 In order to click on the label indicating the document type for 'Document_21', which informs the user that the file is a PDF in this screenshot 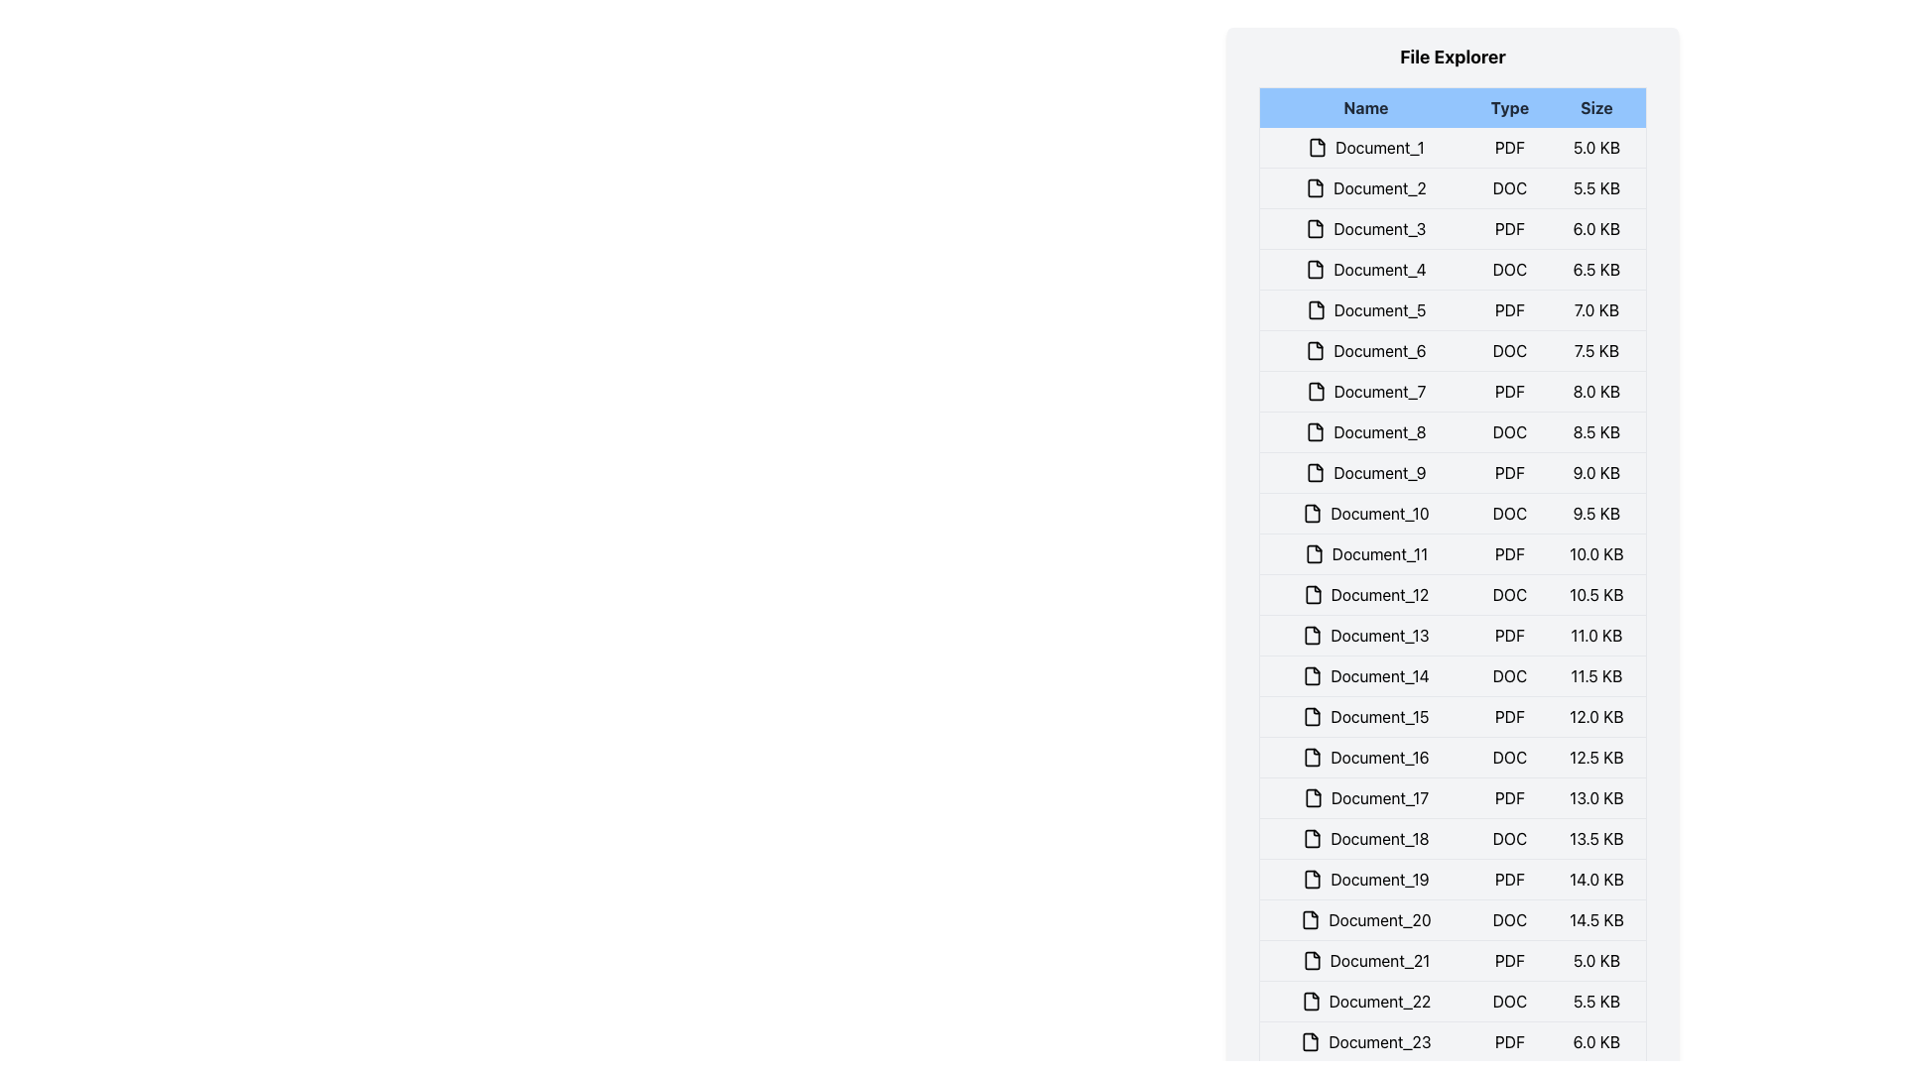, I will do `click(1508, 959)`.